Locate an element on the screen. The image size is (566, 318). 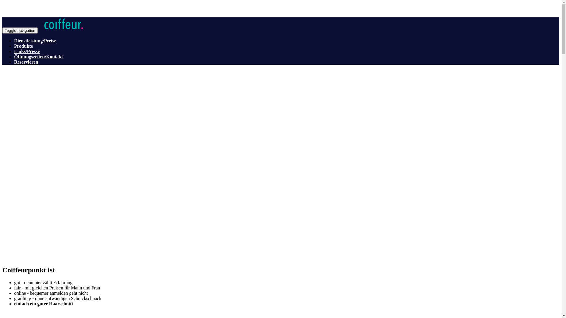
'Reservieren' is located at coordinates (14, 62).